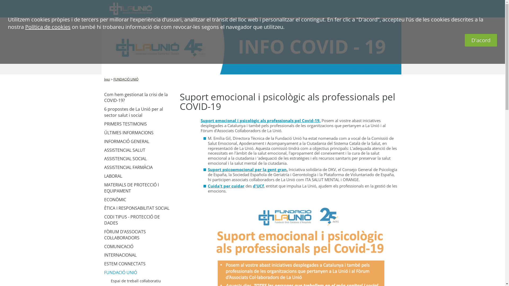  Describe the element at coordinates (139, 176) in the screenshot. I see `'LABORAL'` at that location.